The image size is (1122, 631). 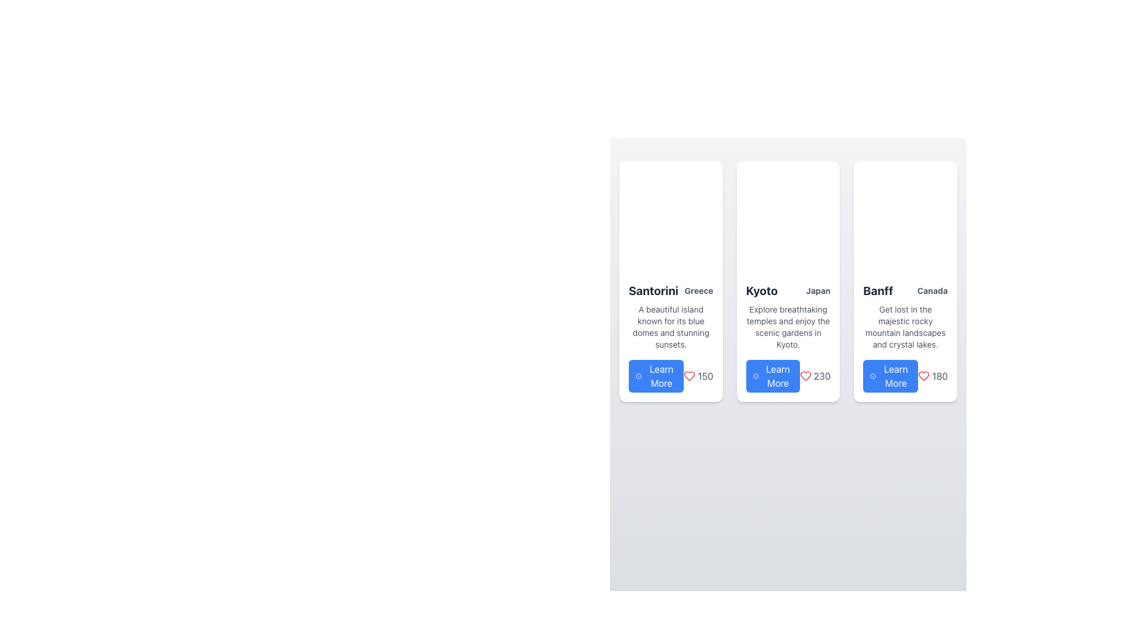 What do you see at coordinates (699, 290) in the screenshot?
I see `the Text Label providing the location 'Greece', which is positioned to the right of the larger text label 'Santorini' in the first card of a horizontally arranged series of cards` at bounding box center [699, 290].